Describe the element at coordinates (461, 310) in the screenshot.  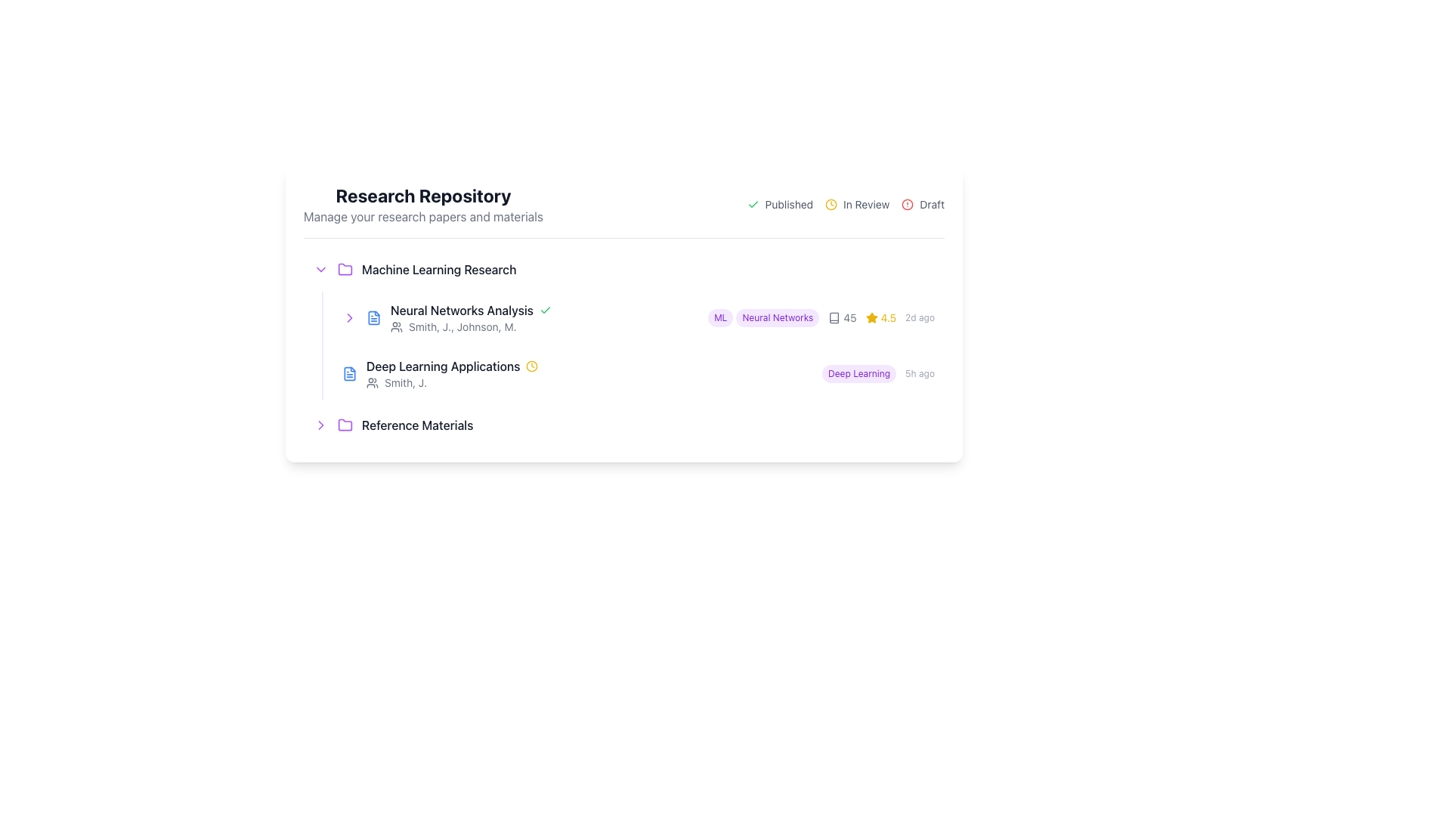
I see `displayed text of the 'Neural Networks Analysis' label located under the 'Machine Learning Research' section, which is positioned horizontally next to a green checkmark icon` at that location.